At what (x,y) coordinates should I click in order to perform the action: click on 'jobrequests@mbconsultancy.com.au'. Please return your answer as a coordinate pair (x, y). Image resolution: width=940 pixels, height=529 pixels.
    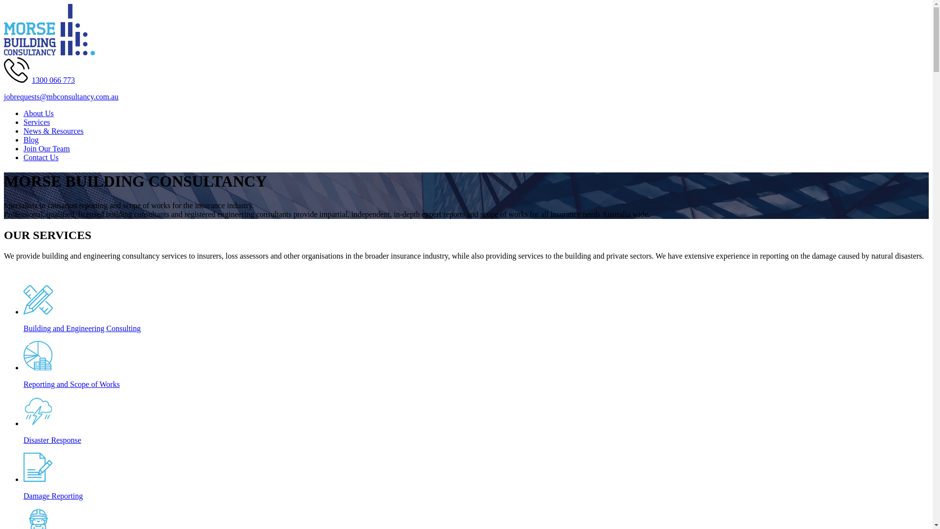
    Looking at the image, I should click on (60, 96).